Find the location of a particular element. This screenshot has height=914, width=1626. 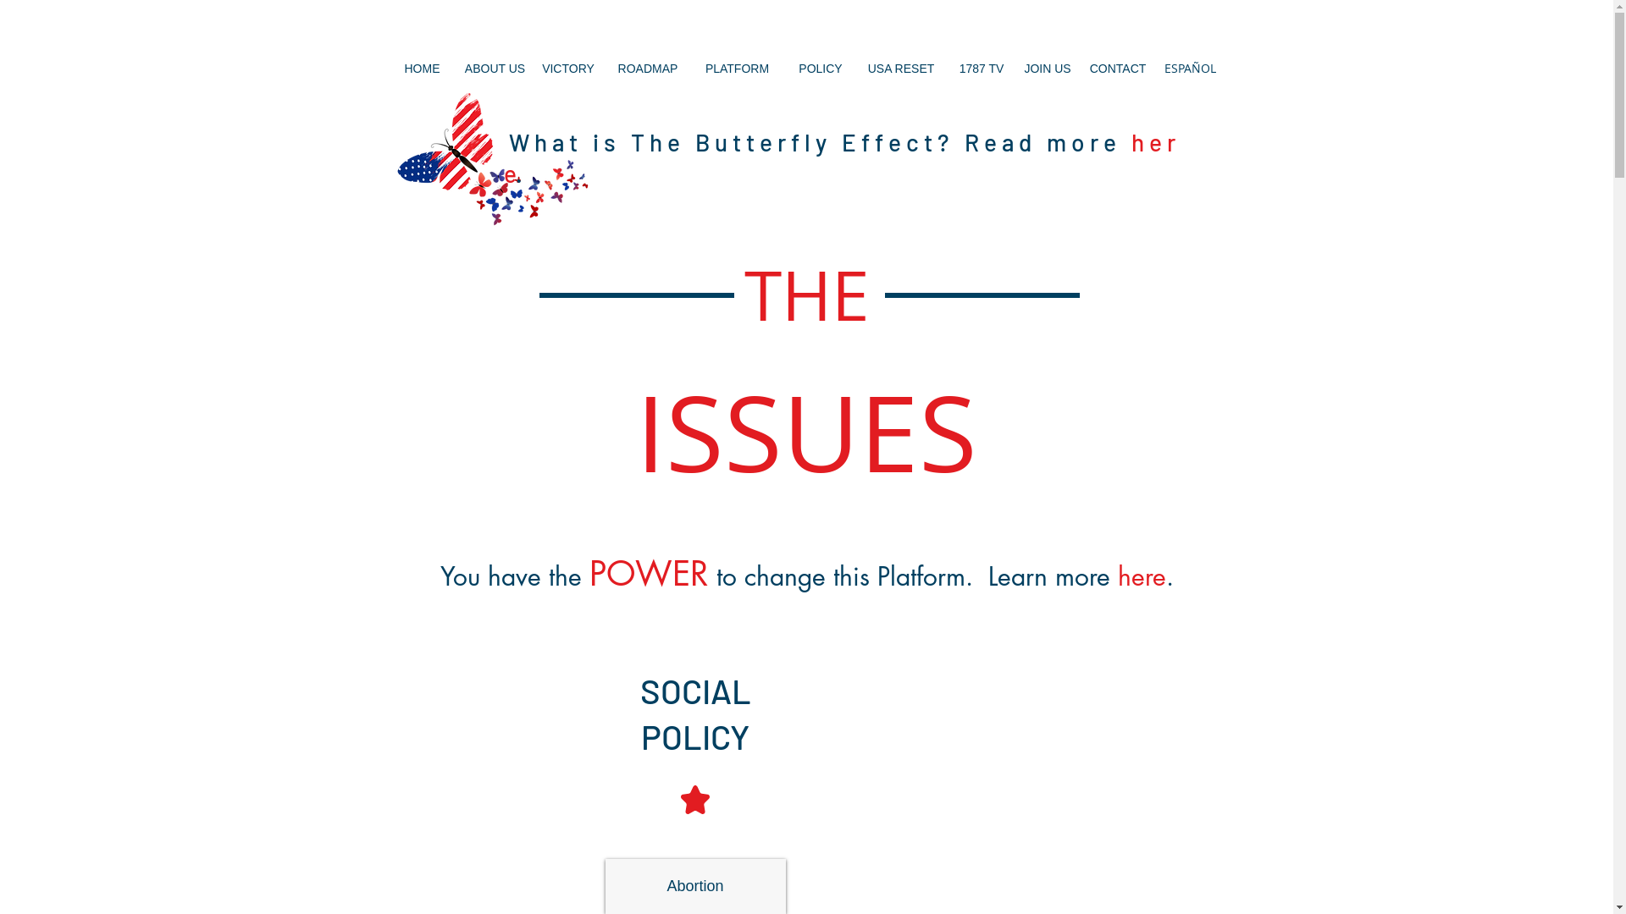

'CONTACT' is located at coordinates (1118, 67).